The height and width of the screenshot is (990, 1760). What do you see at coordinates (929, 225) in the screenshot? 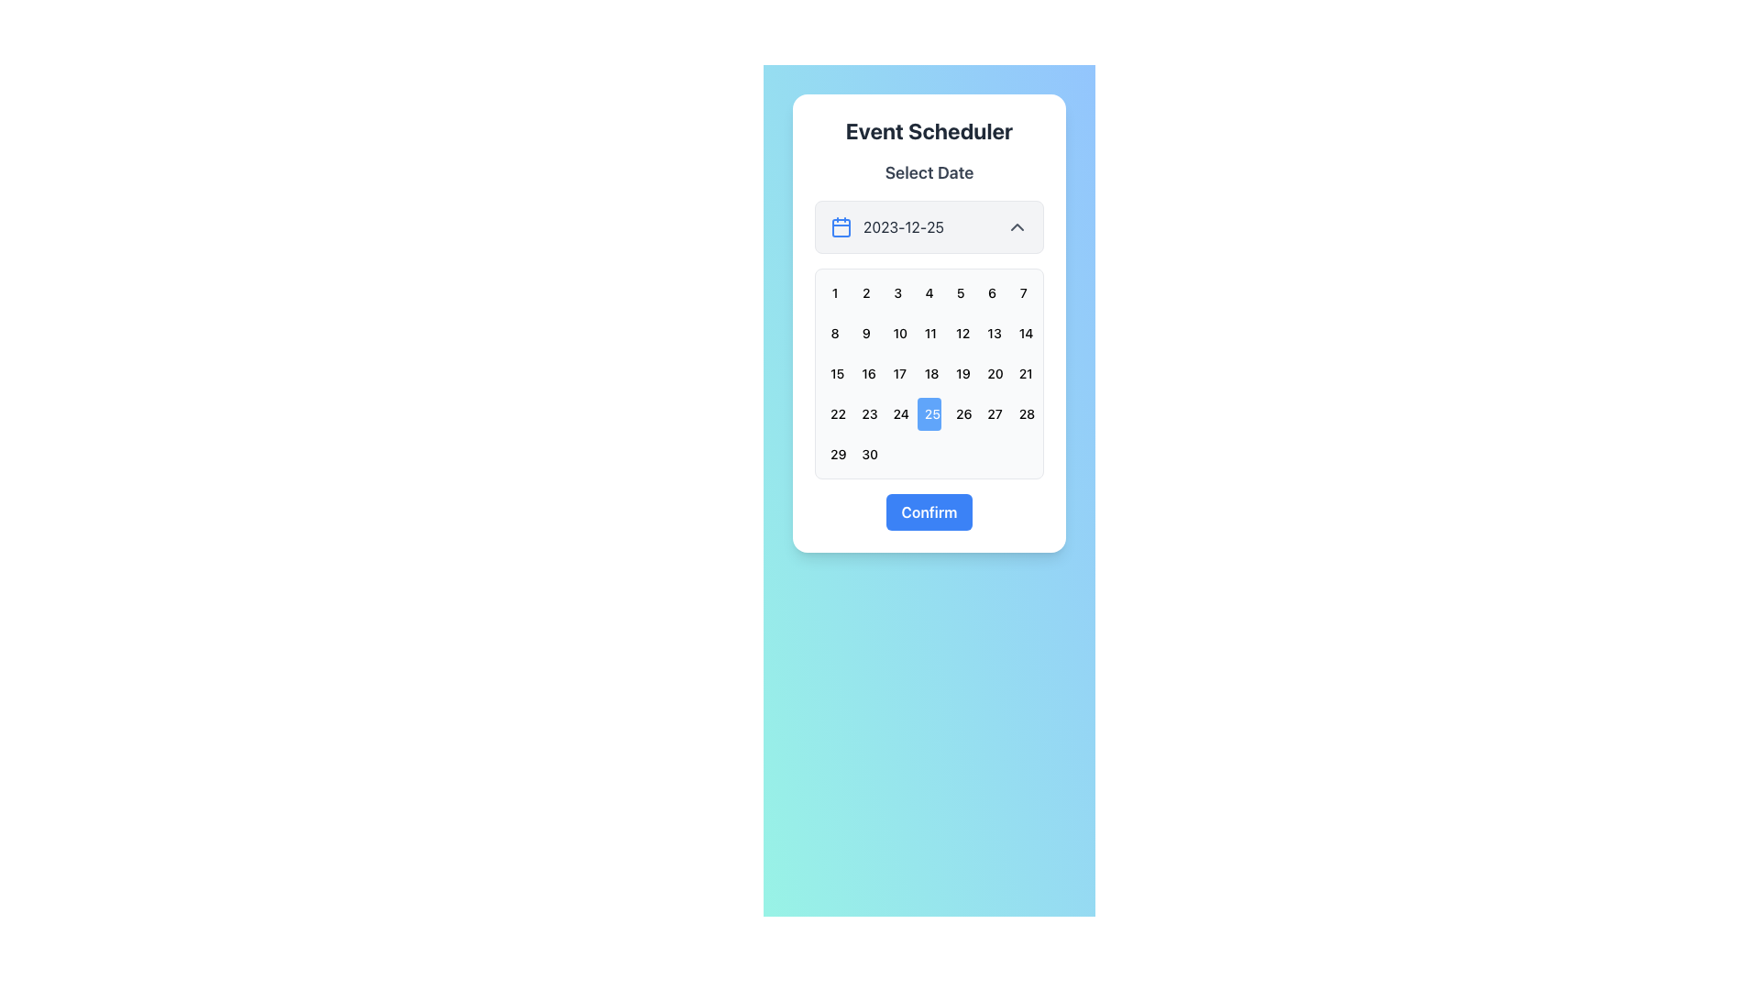
I see `the date display element located below the 'Select Date' header, which shows the currently selected date and is positioned between a calendar icon and a chevron icon` at bounding box center [929, 225].